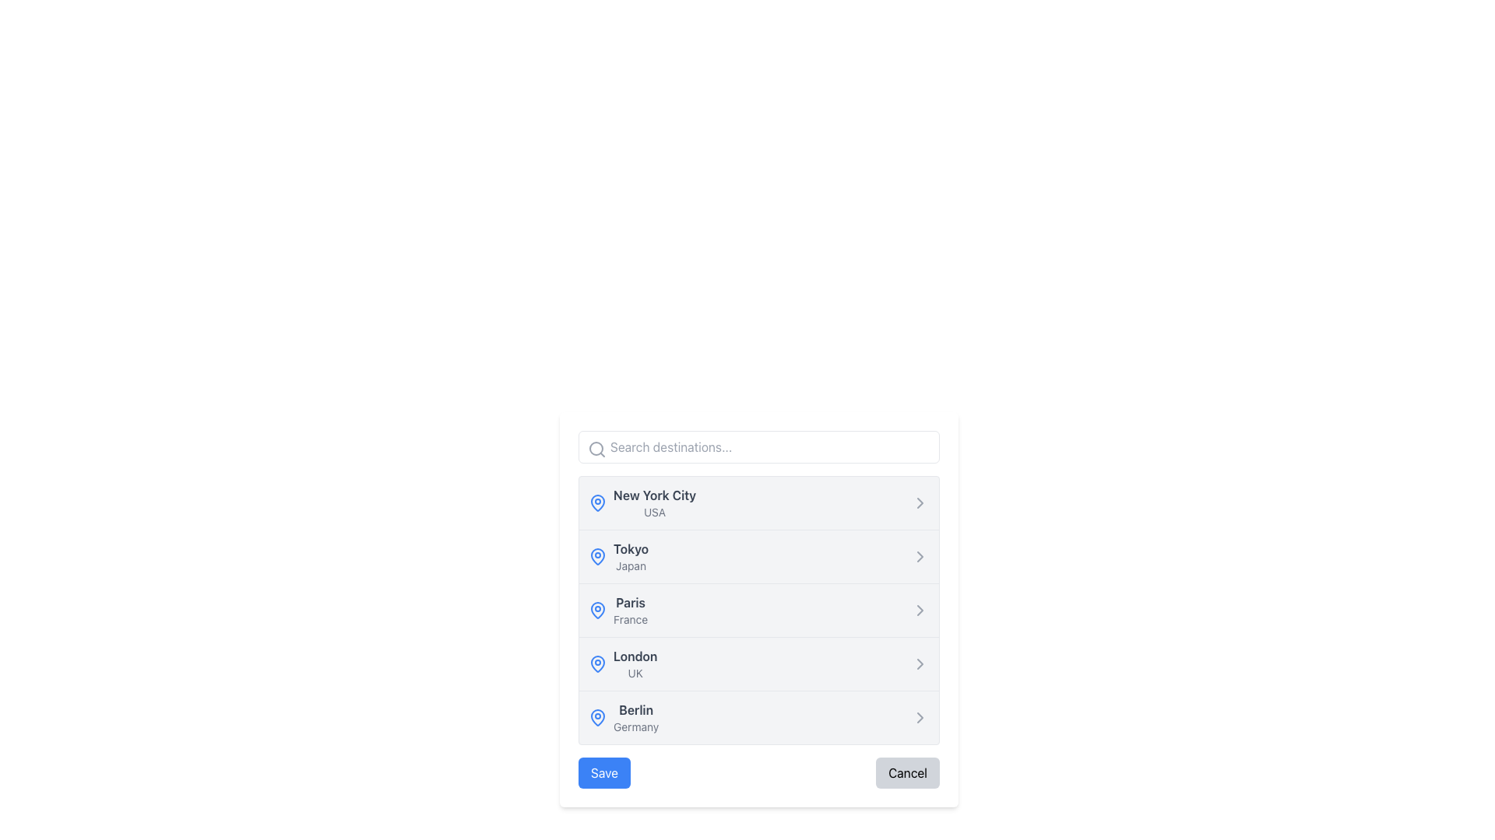 The width and height of the screenshot is (1495, 840). I want to click on the geographical location icon associated with 'London UK' that is positioned left of the text block within a list item, so click(597, 663).